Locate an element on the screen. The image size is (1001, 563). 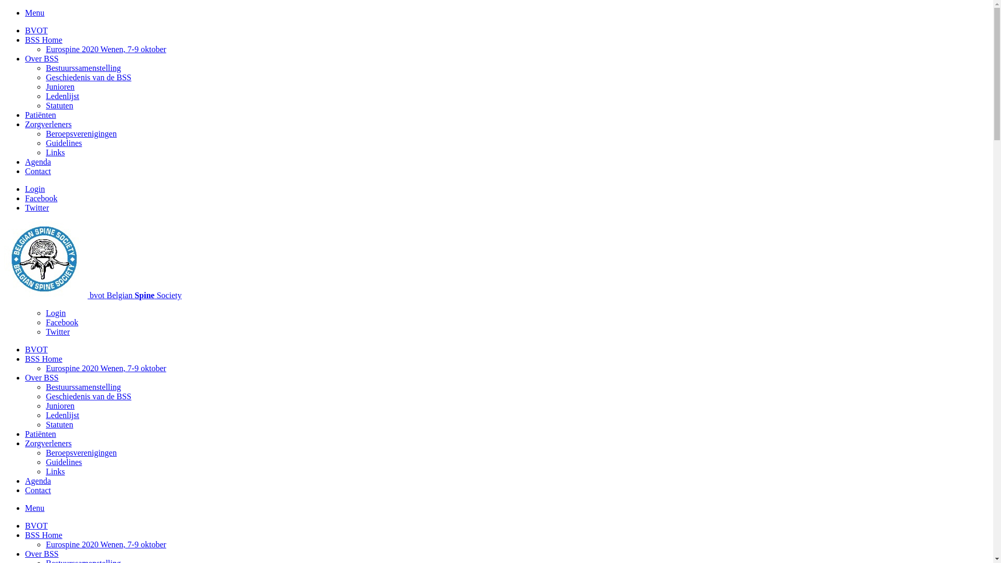
'BSS Home' is located at coordinates (25, 535).